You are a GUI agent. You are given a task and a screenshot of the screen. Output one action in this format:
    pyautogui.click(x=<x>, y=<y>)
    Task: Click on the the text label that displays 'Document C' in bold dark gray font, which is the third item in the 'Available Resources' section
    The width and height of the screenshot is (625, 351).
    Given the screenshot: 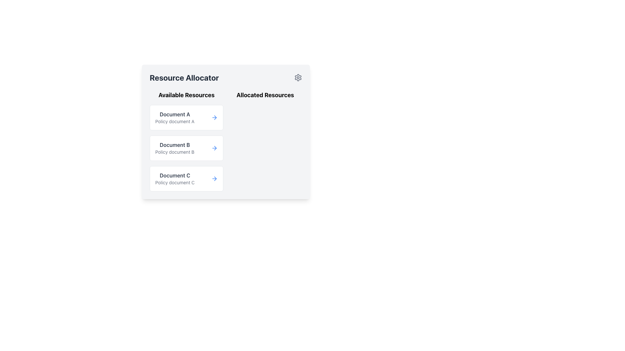 What is the action you would take?
    pyautogui.click(x=175, y=179)
    